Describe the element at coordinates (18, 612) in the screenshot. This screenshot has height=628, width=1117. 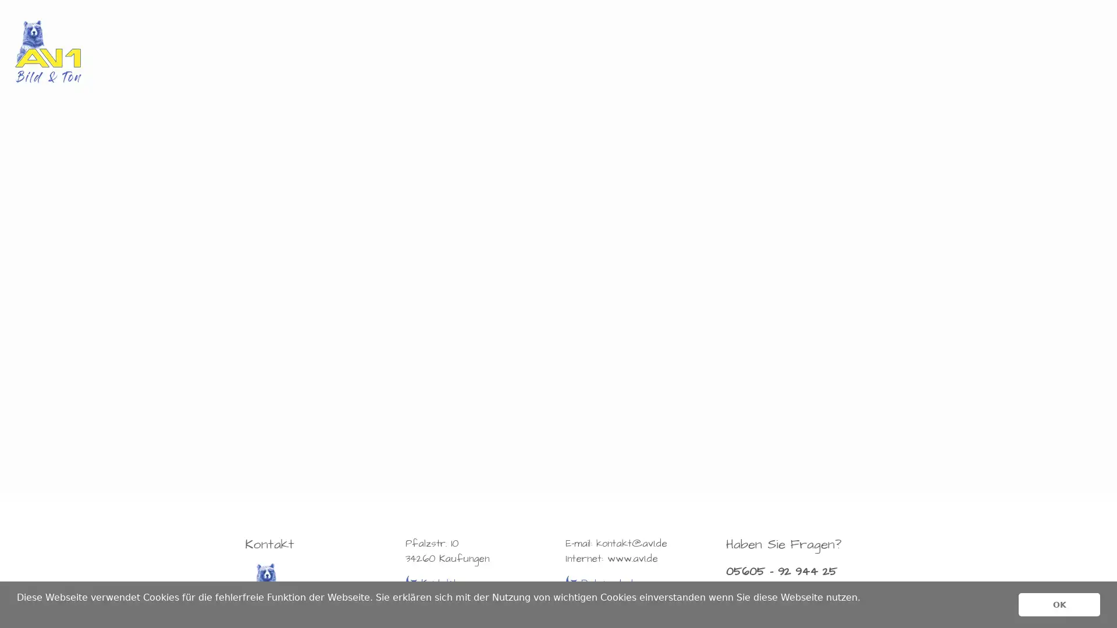
I see `learn more about cookies` at that location.